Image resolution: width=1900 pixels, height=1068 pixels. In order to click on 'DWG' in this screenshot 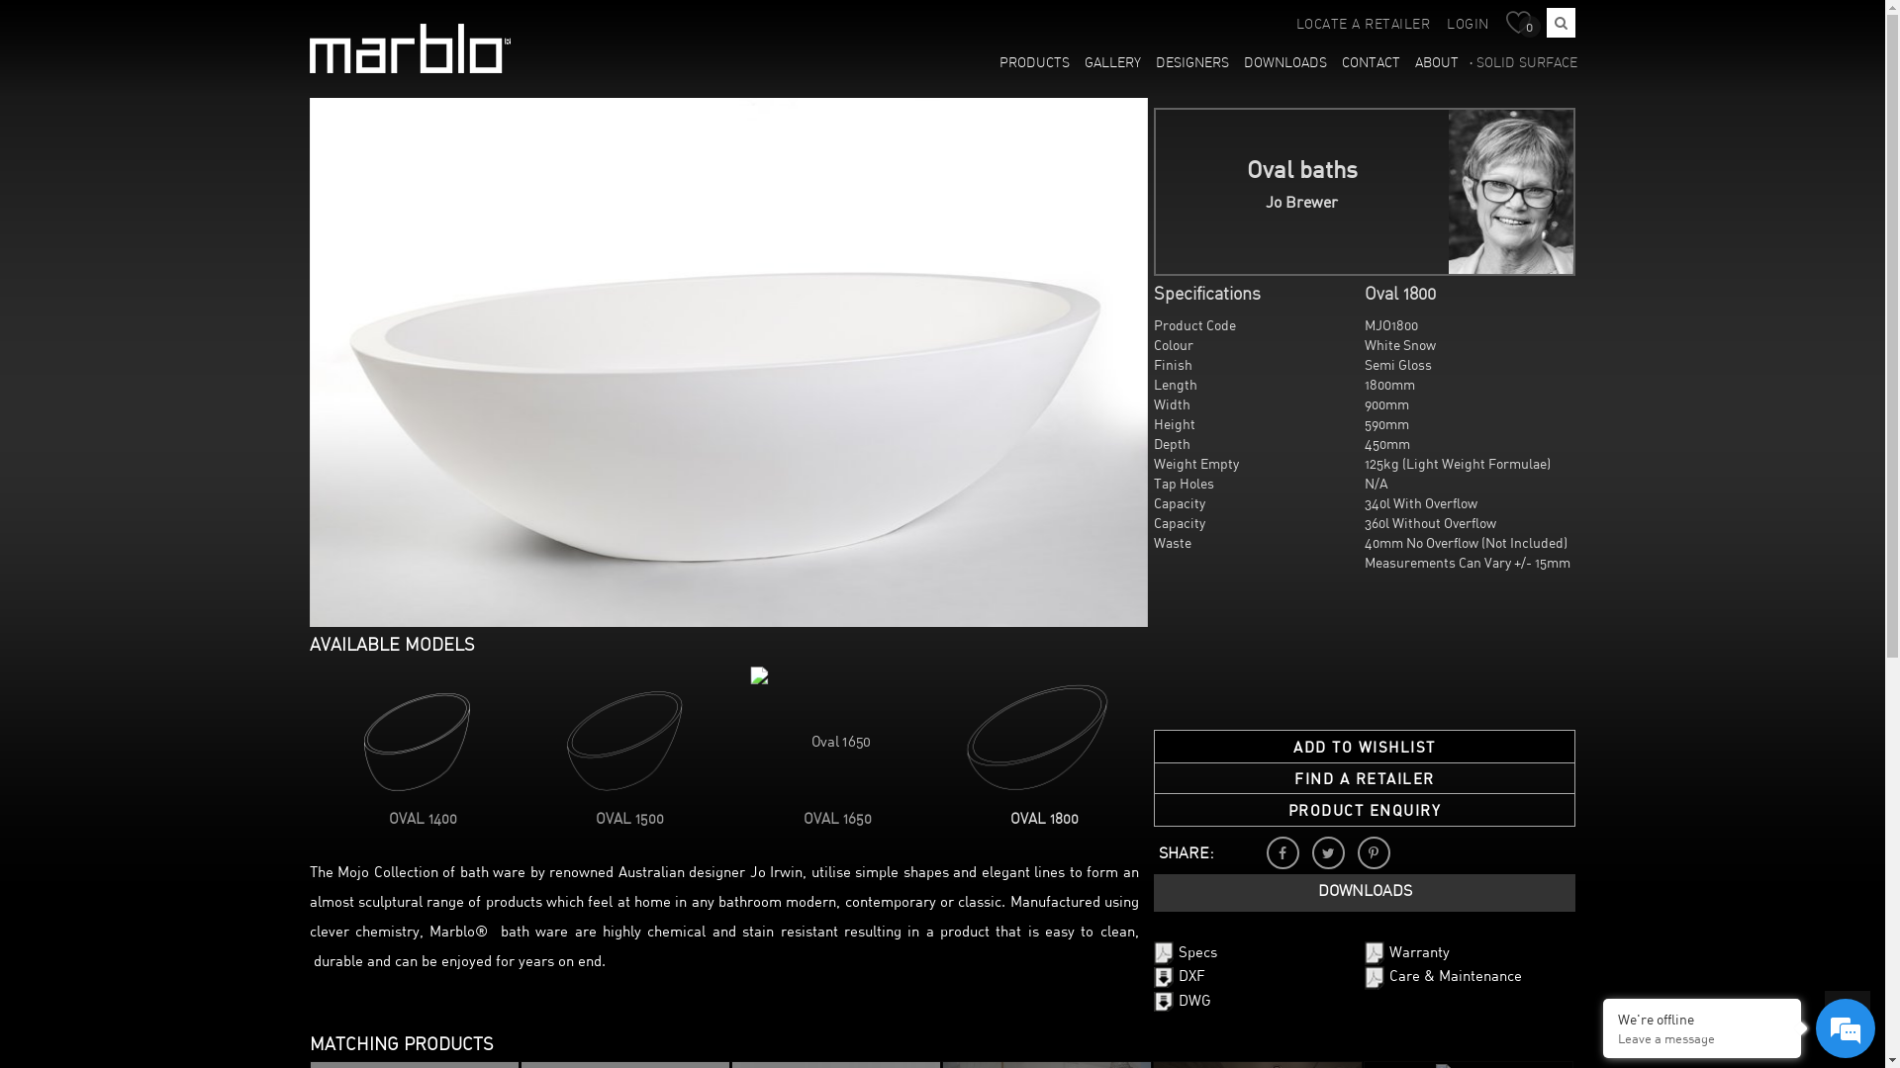, I will do `click(1183, 1001)`.